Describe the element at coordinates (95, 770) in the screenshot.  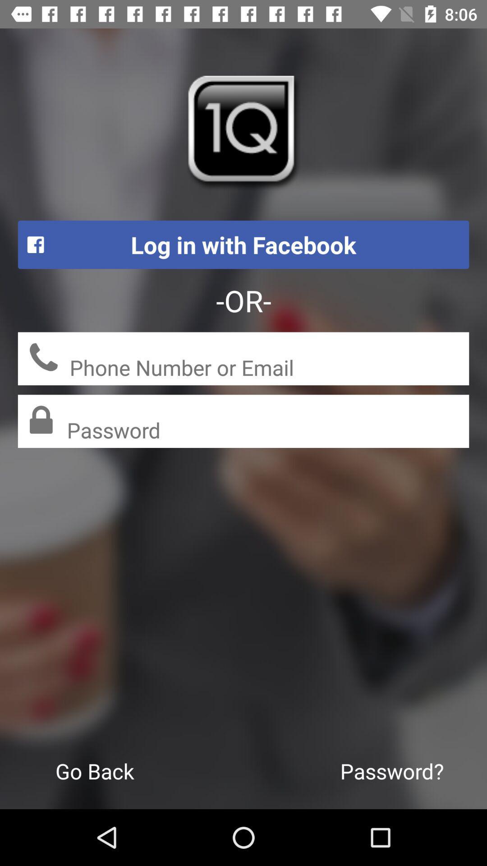
I see `the icon next to the password? item` at that location.